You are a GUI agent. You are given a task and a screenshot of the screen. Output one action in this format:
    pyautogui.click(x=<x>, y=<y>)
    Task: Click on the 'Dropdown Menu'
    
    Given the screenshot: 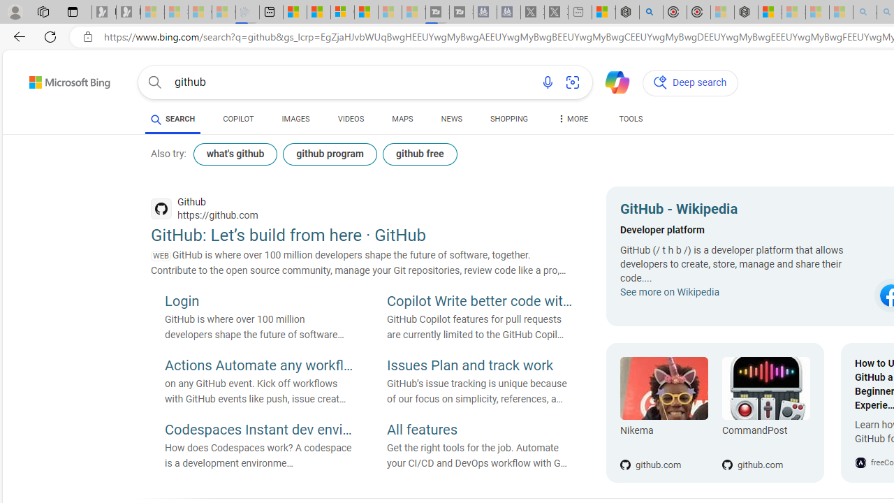 What is the action you would take?
    pyautogui.click(x=572, y=119)
    